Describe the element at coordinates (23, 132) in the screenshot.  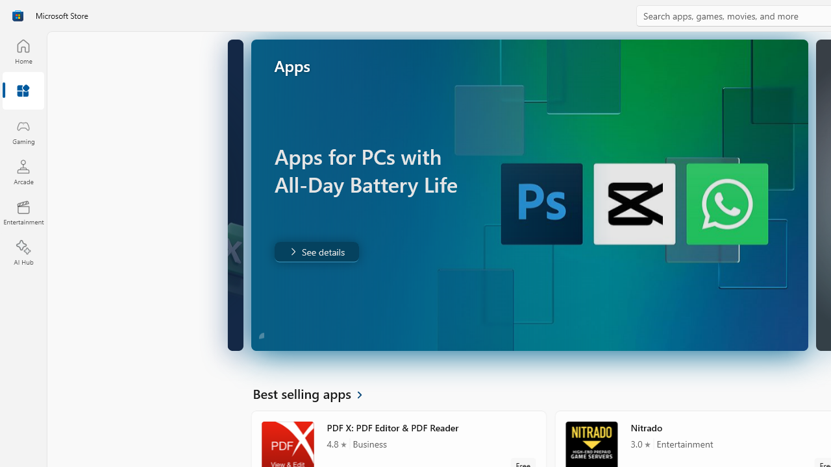
I see `'Gaming'` at that location.